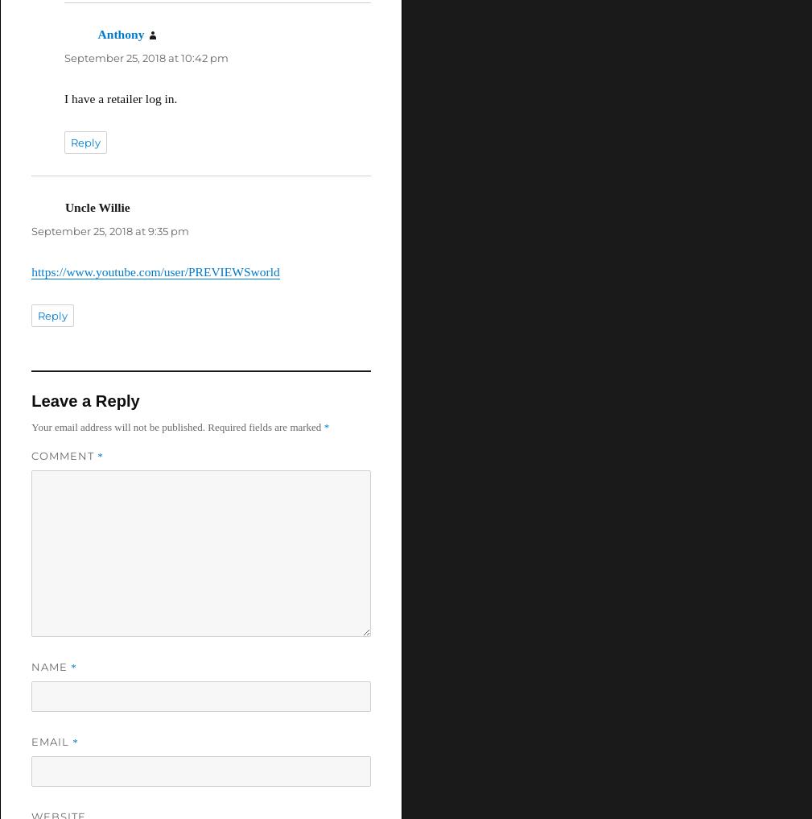  What do you see at coordinates (96, 206) in the screenshot?
I see `'Uncle Willie'` at bounding box center [96, 206].